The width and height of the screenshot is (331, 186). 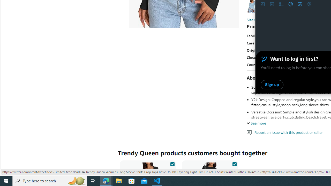 What do you see at coordinates (172, 163) in the screenshot?
I see `'AutomationID: thematicBundleCheck-1'` at bounding box center [172, 163].